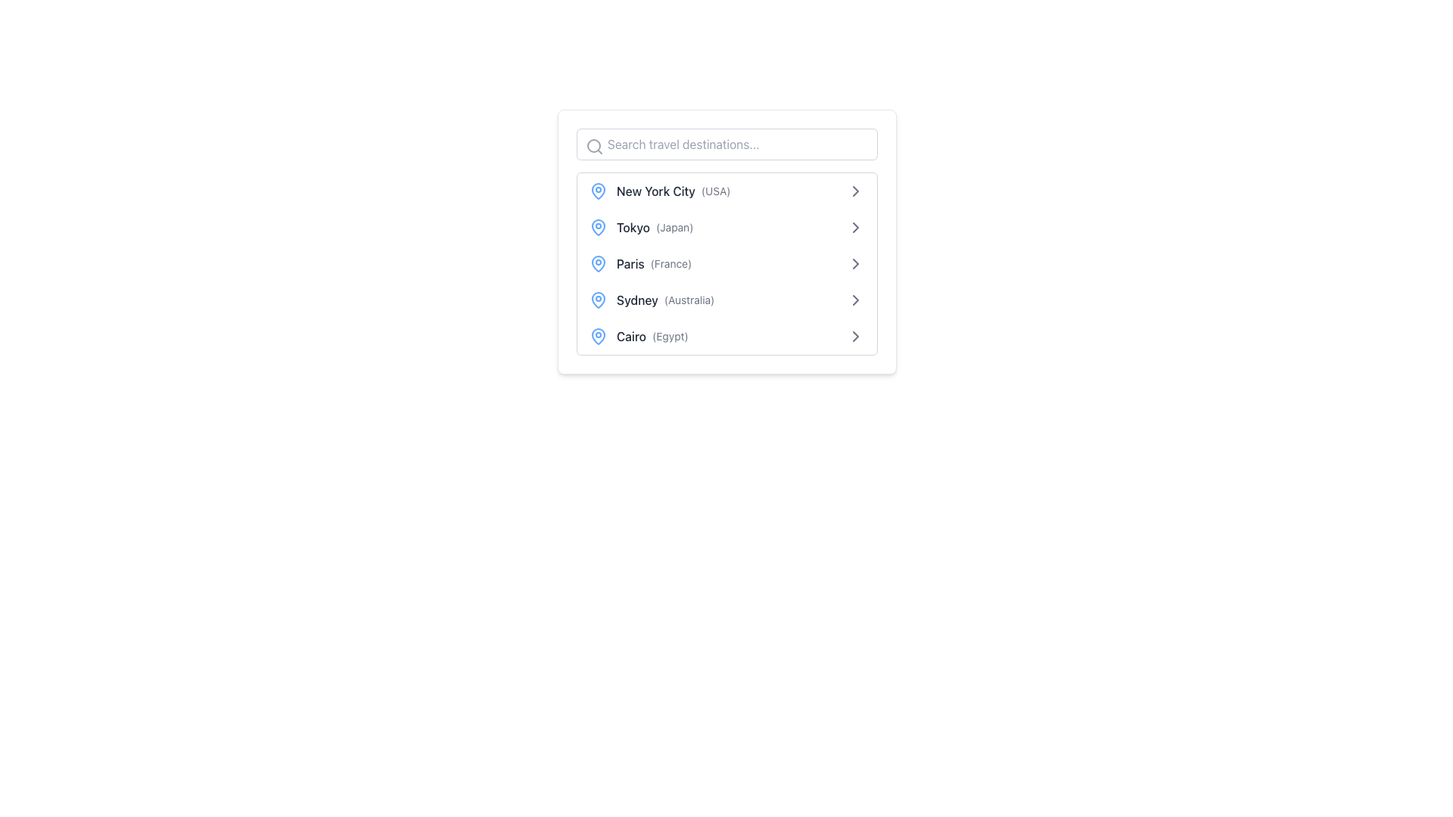 This screenshot has width=1453, height=817. I want to click on the text label indicating the location 'New York City' in the travel destination selector list, which is positioned beside a blue map pin icon and before the text '(USA)', so click(655, 191).